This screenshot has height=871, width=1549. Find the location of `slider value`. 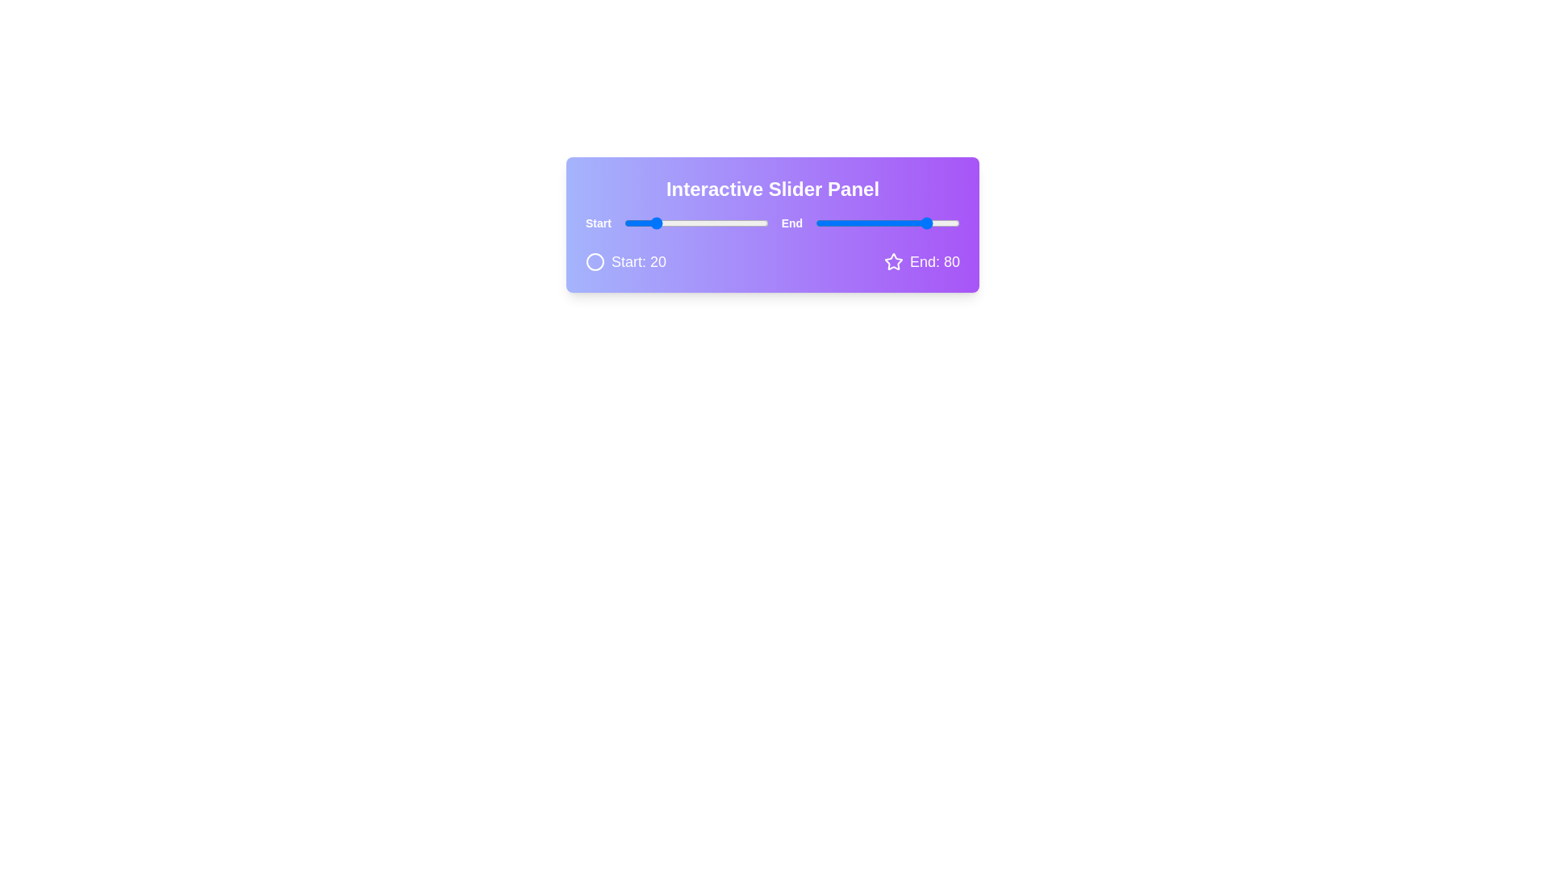

slider value is located at coordinates (665, 223).